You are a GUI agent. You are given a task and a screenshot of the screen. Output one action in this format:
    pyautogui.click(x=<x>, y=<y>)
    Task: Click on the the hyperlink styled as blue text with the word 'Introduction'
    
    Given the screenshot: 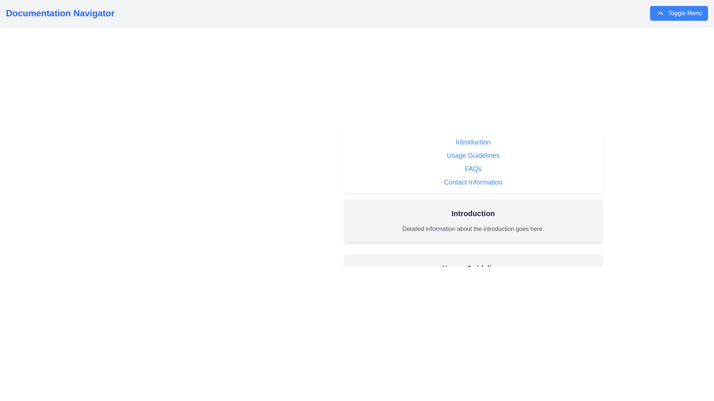 What is the action you would take?
    pyautogui.click(x=473, y=142)
    